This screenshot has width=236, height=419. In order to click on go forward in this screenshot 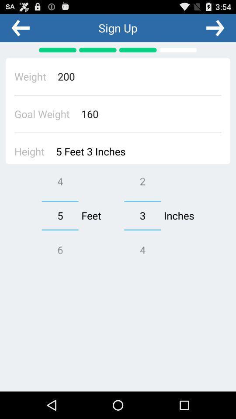, I will do `click(215, 27)`.